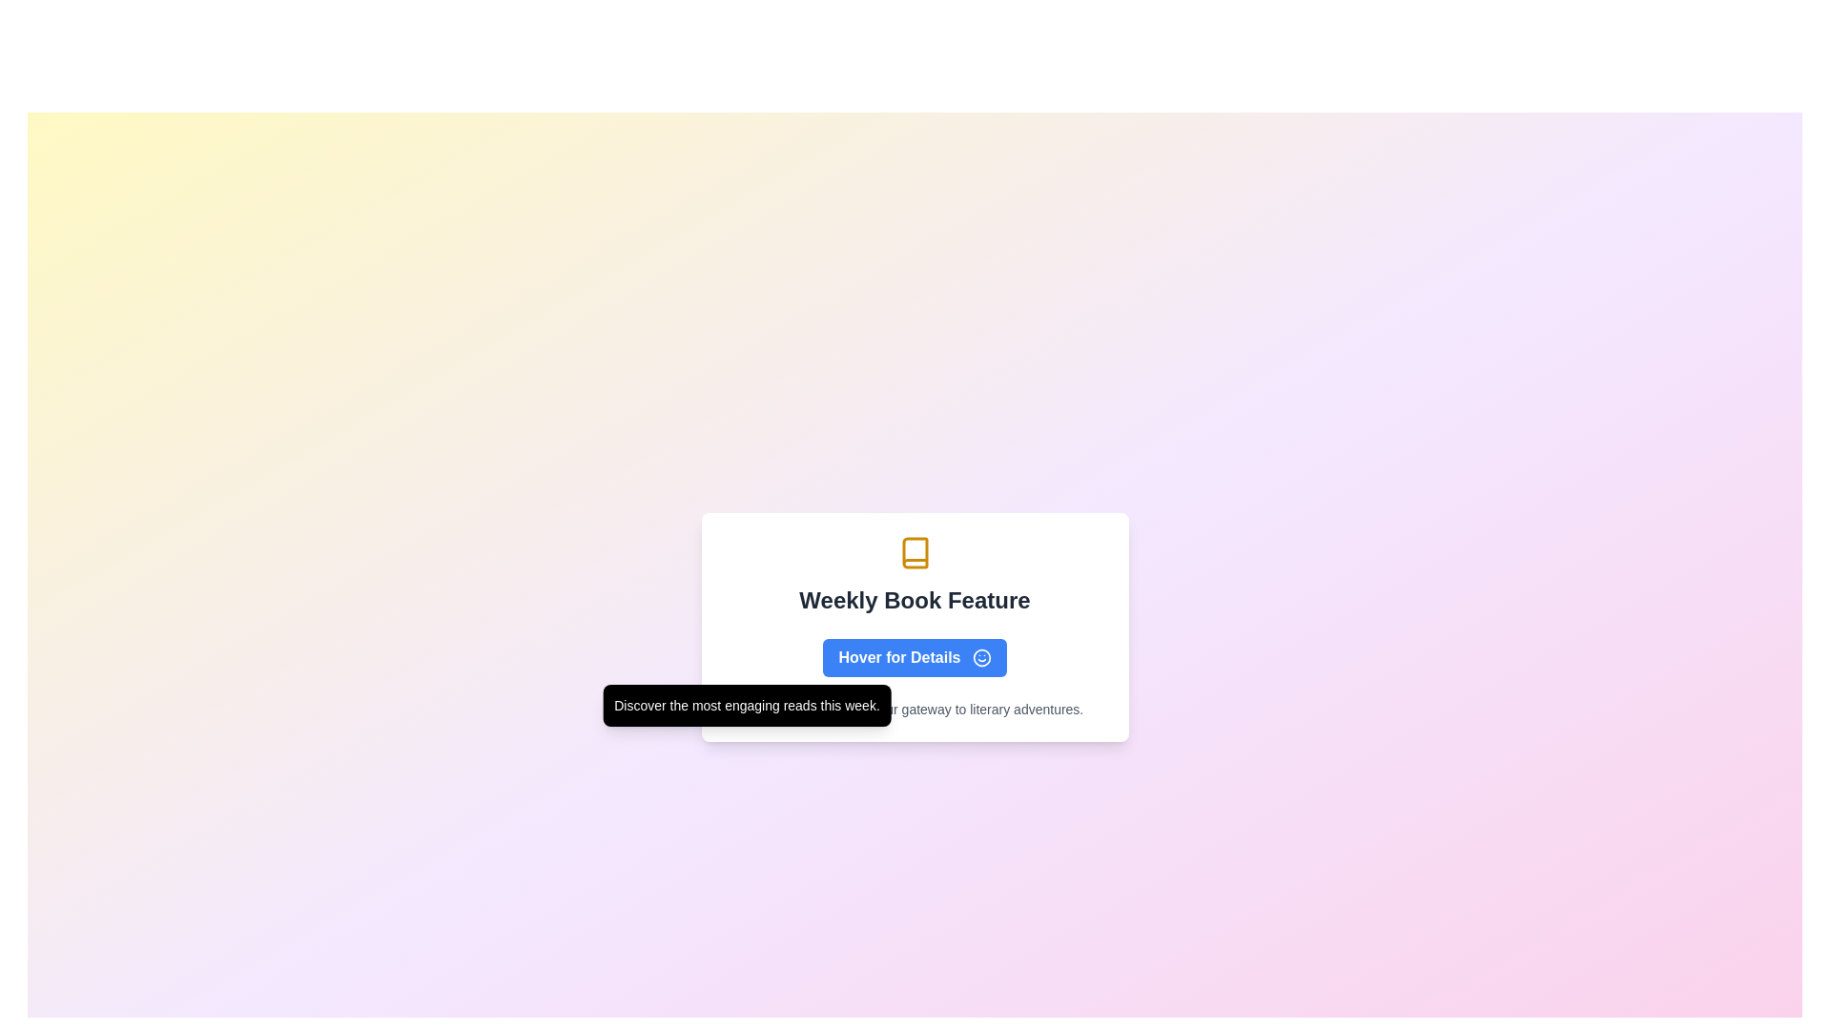 The height and width of the screenshot is (1030, 1831). I want to click on the decorative SVG-based book icon located at the top center of the 'Weekly Book Feature' component, which is the first element above the textual content and the 'Hover for Details' button, so click(914, 552).